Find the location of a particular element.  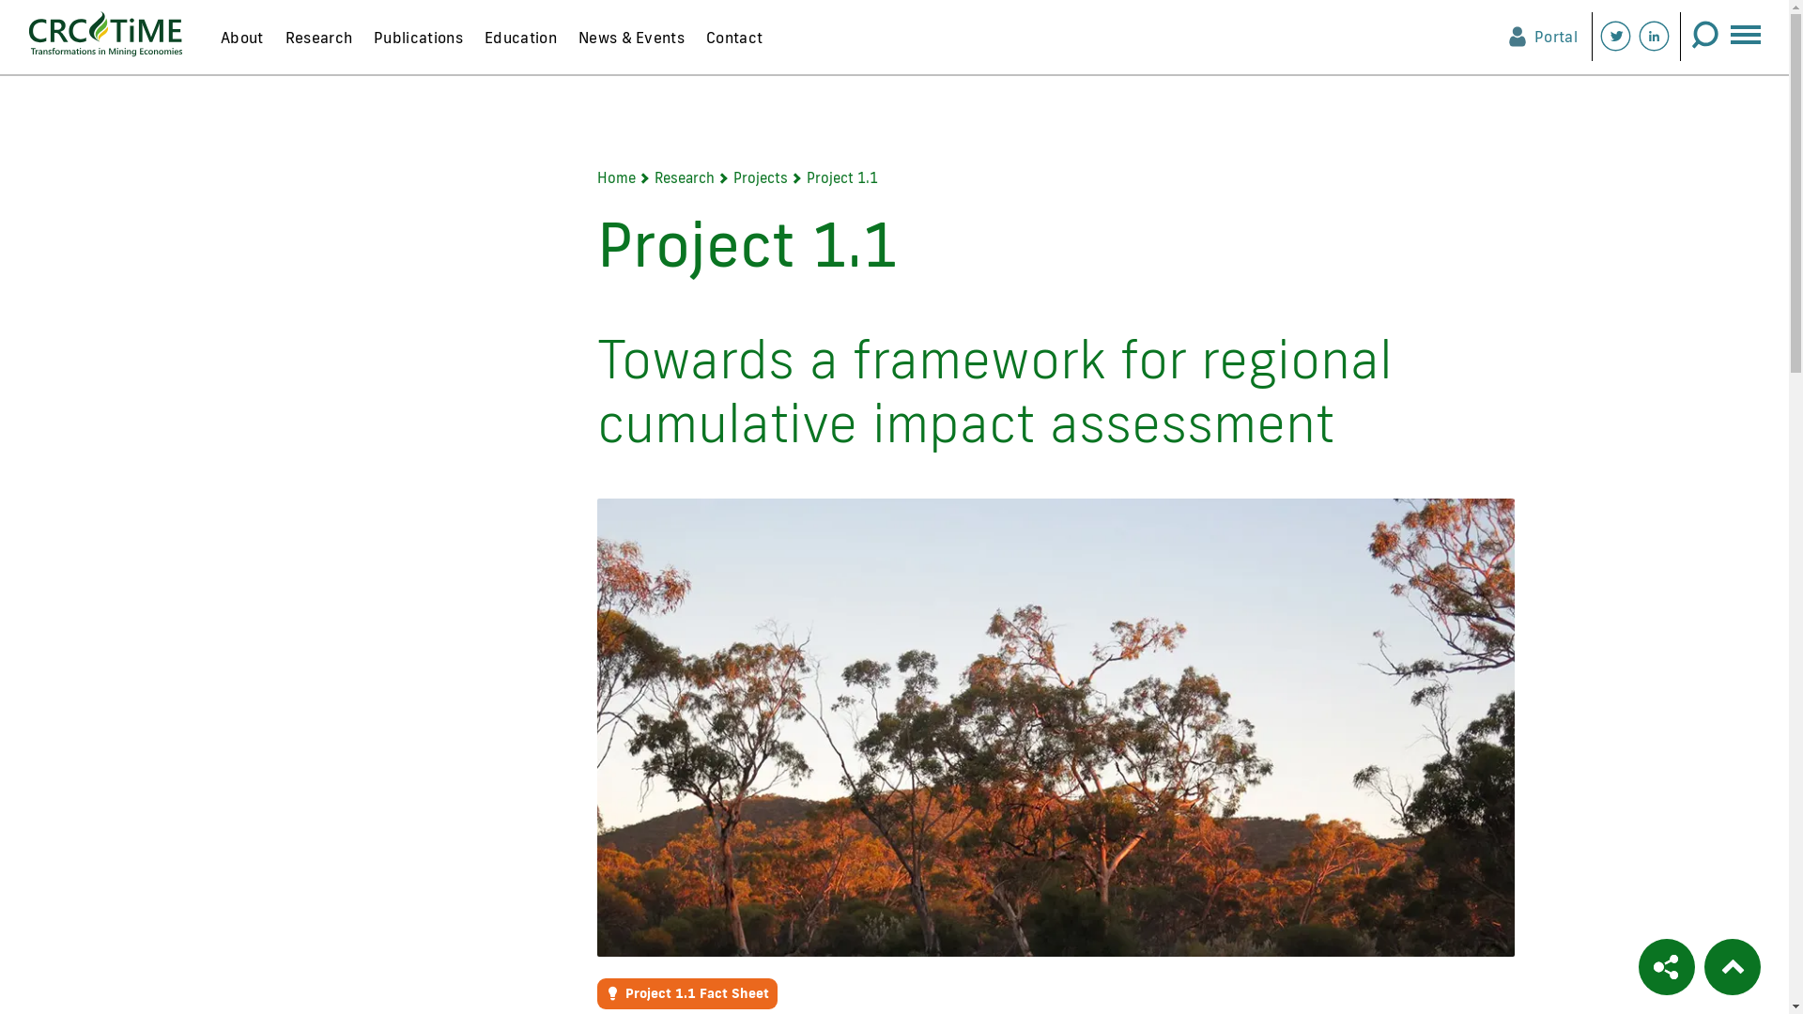

'Contact' is located at coordinates (732, 46).